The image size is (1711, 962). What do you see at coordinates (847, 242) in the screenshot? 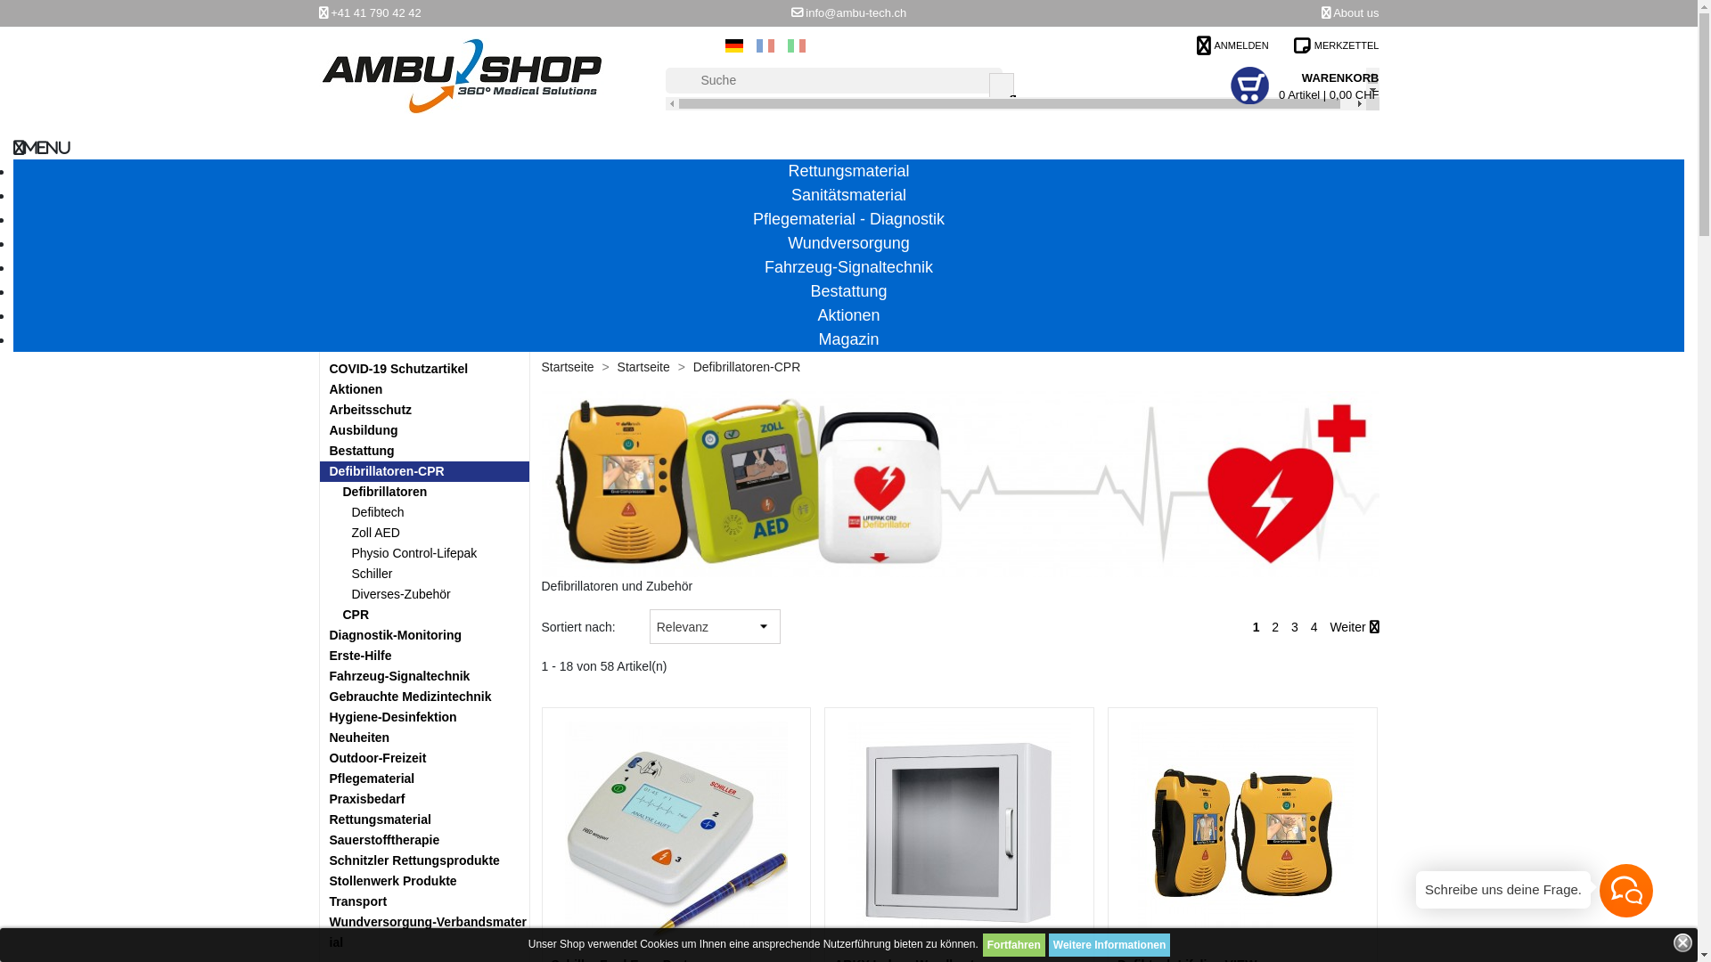
I see `'Wundversorgung'` at bounding box center [847, 242].